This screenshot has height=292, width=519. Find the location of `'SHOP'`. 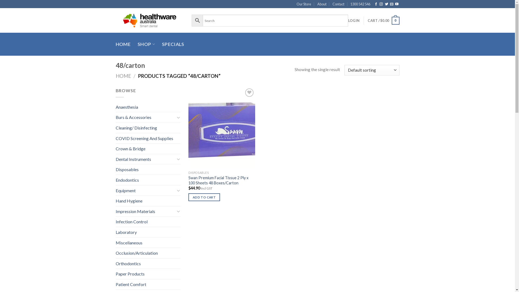

'SHOP' is located at coordinates (146, 44).